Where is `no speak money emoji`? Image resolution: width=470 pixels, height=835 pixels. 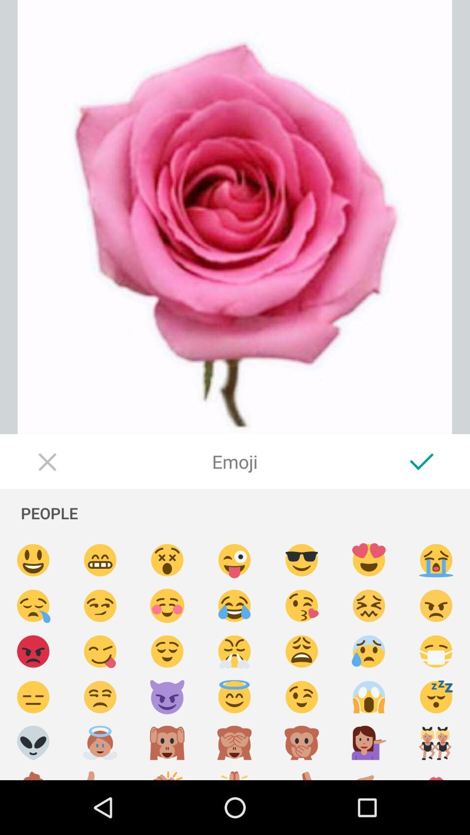
no speak money emoji is located at coordinates (301, 742).